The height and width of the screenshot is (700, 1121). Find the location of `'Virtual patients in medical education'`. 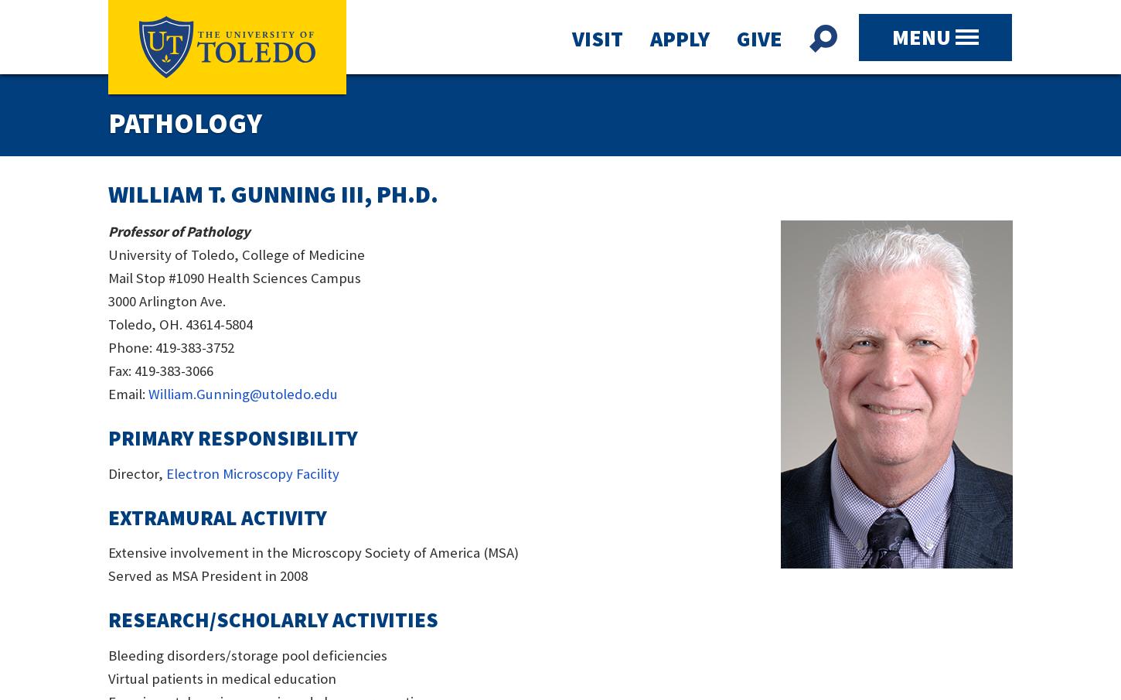

'Virtual patients in medical education' is located at coordinates (222, 678).